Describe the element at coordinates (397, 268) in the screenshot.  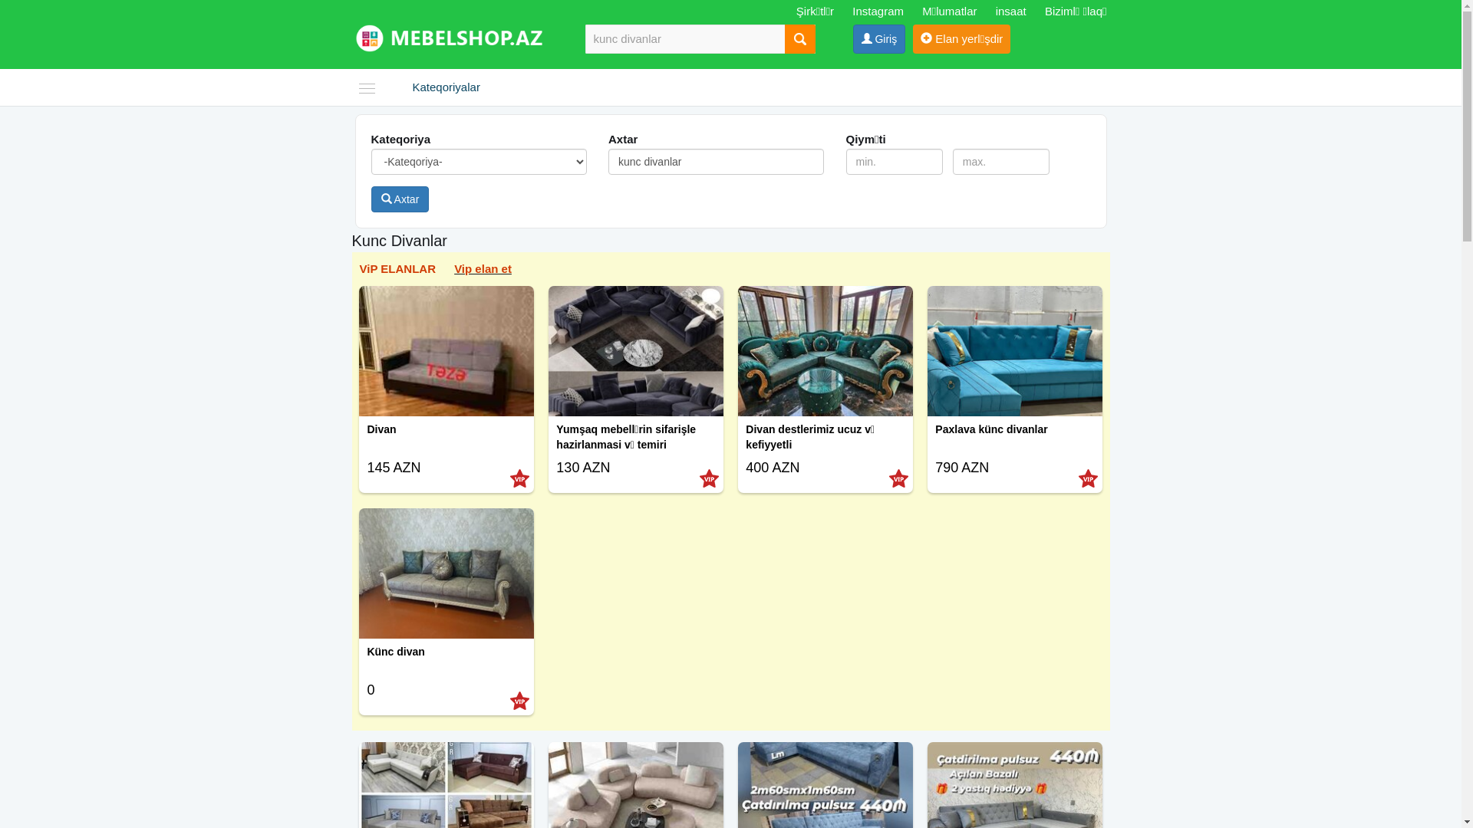
I see `'ViP ELANLAR'` at that location.